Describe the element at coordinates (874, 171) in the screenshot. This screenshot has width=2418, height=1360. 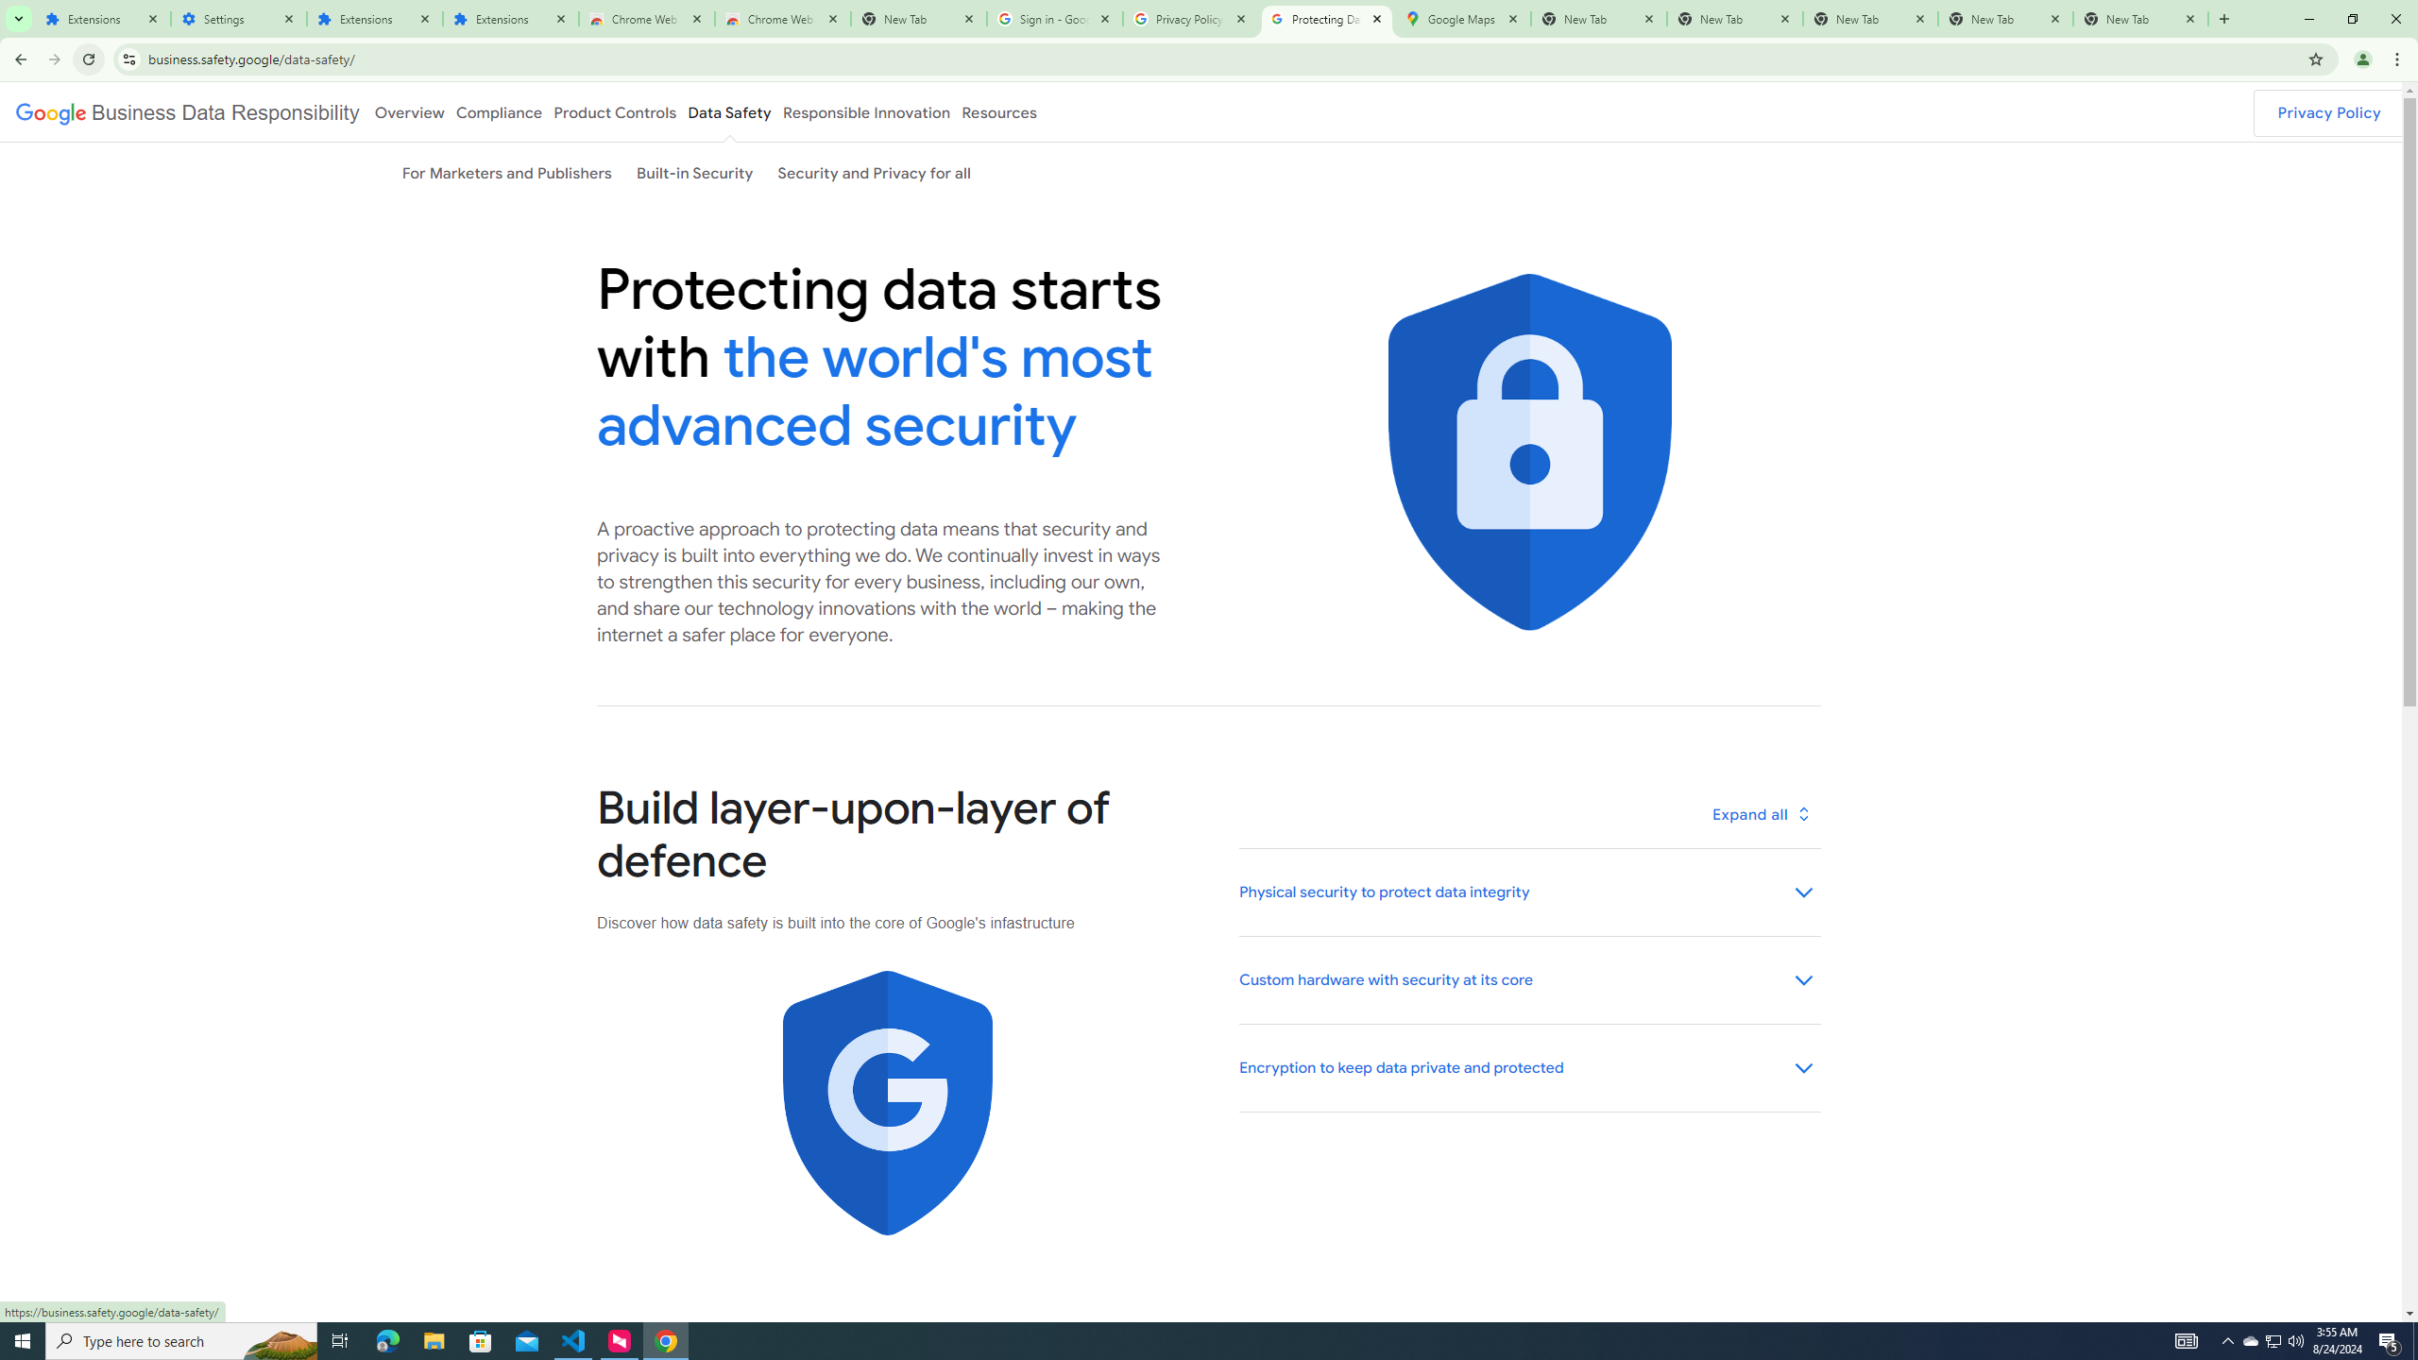
I see `'Security and Privacy for all'` at that location.